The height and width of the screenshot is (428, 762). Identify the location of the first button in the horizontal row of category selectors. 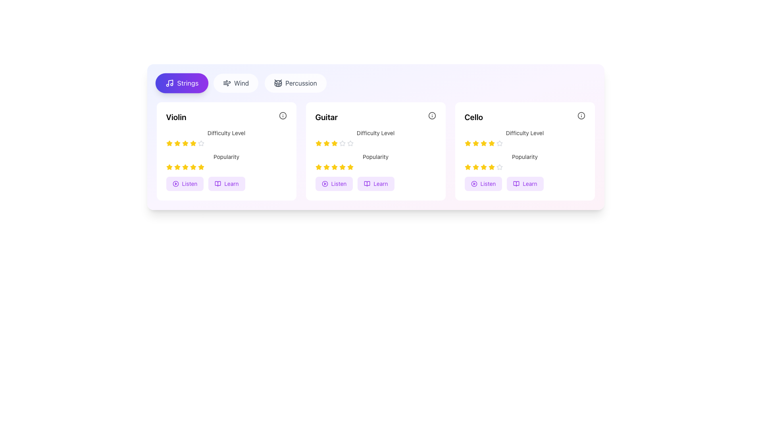
(181, 83).